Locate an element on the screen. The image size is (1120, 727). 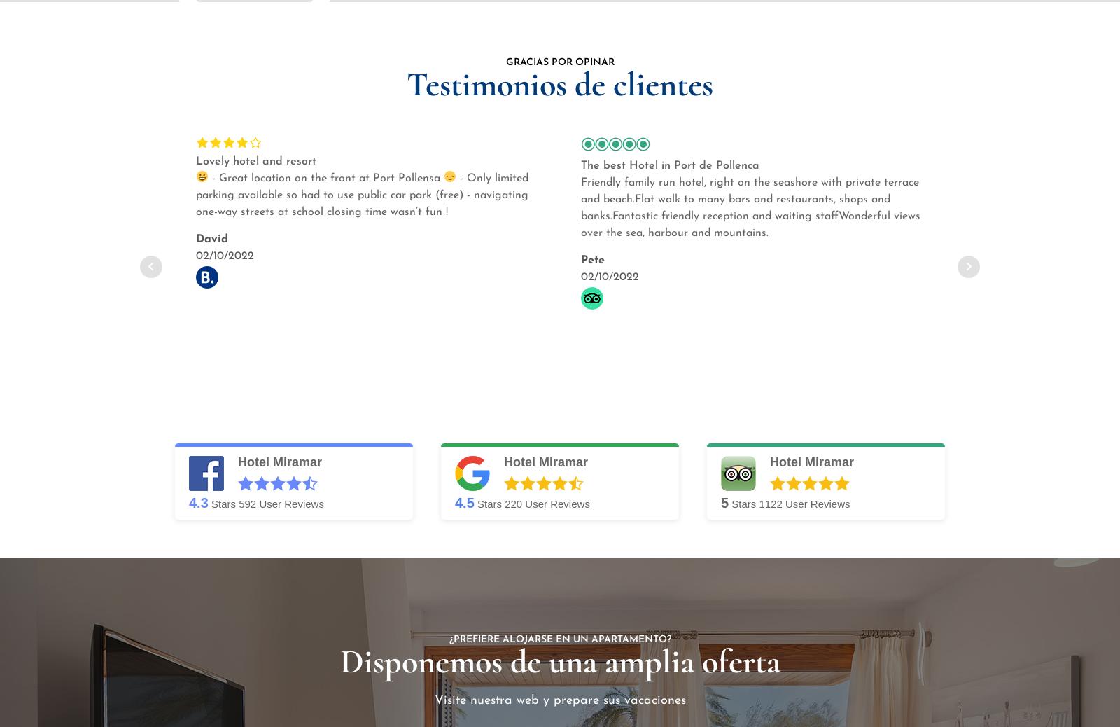
'¿PREFIERE ALOJARSE EN UN APARTAMENTO?' is located at coordinates (559, 639).